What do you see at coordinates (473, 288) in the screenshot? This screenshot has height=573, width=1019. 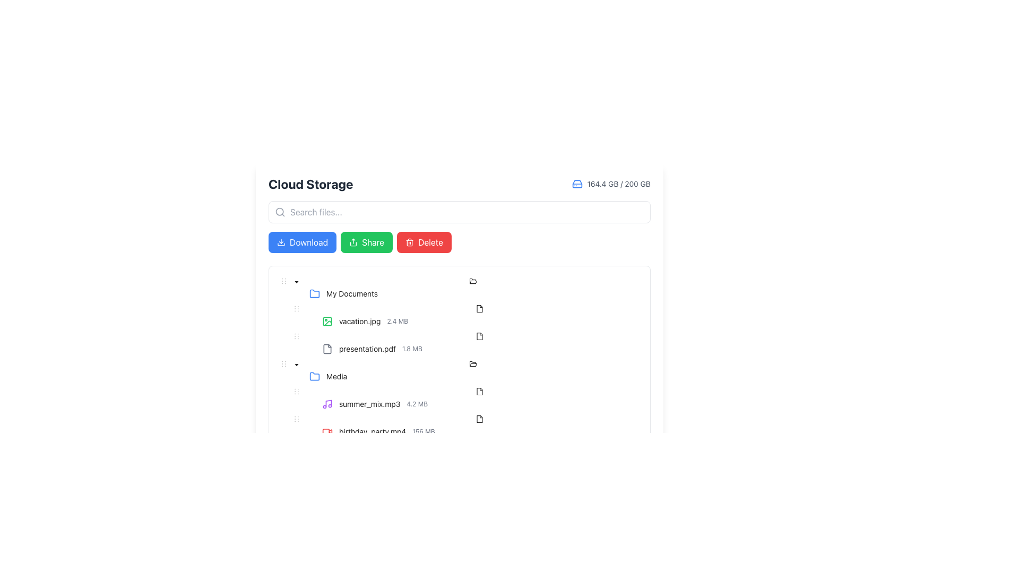 I see `the 'My Documents' folder element` at bounding box center [473, 288].